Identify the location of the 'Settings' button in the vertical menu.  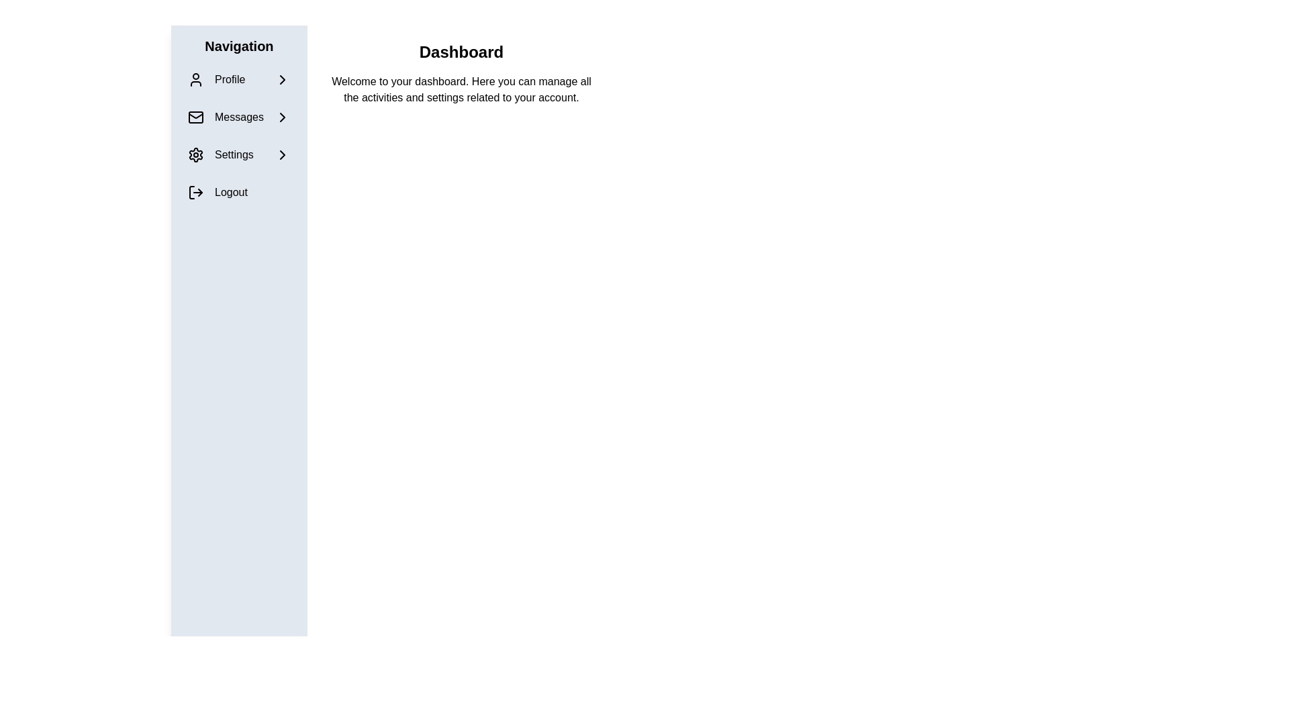
(239, 154).